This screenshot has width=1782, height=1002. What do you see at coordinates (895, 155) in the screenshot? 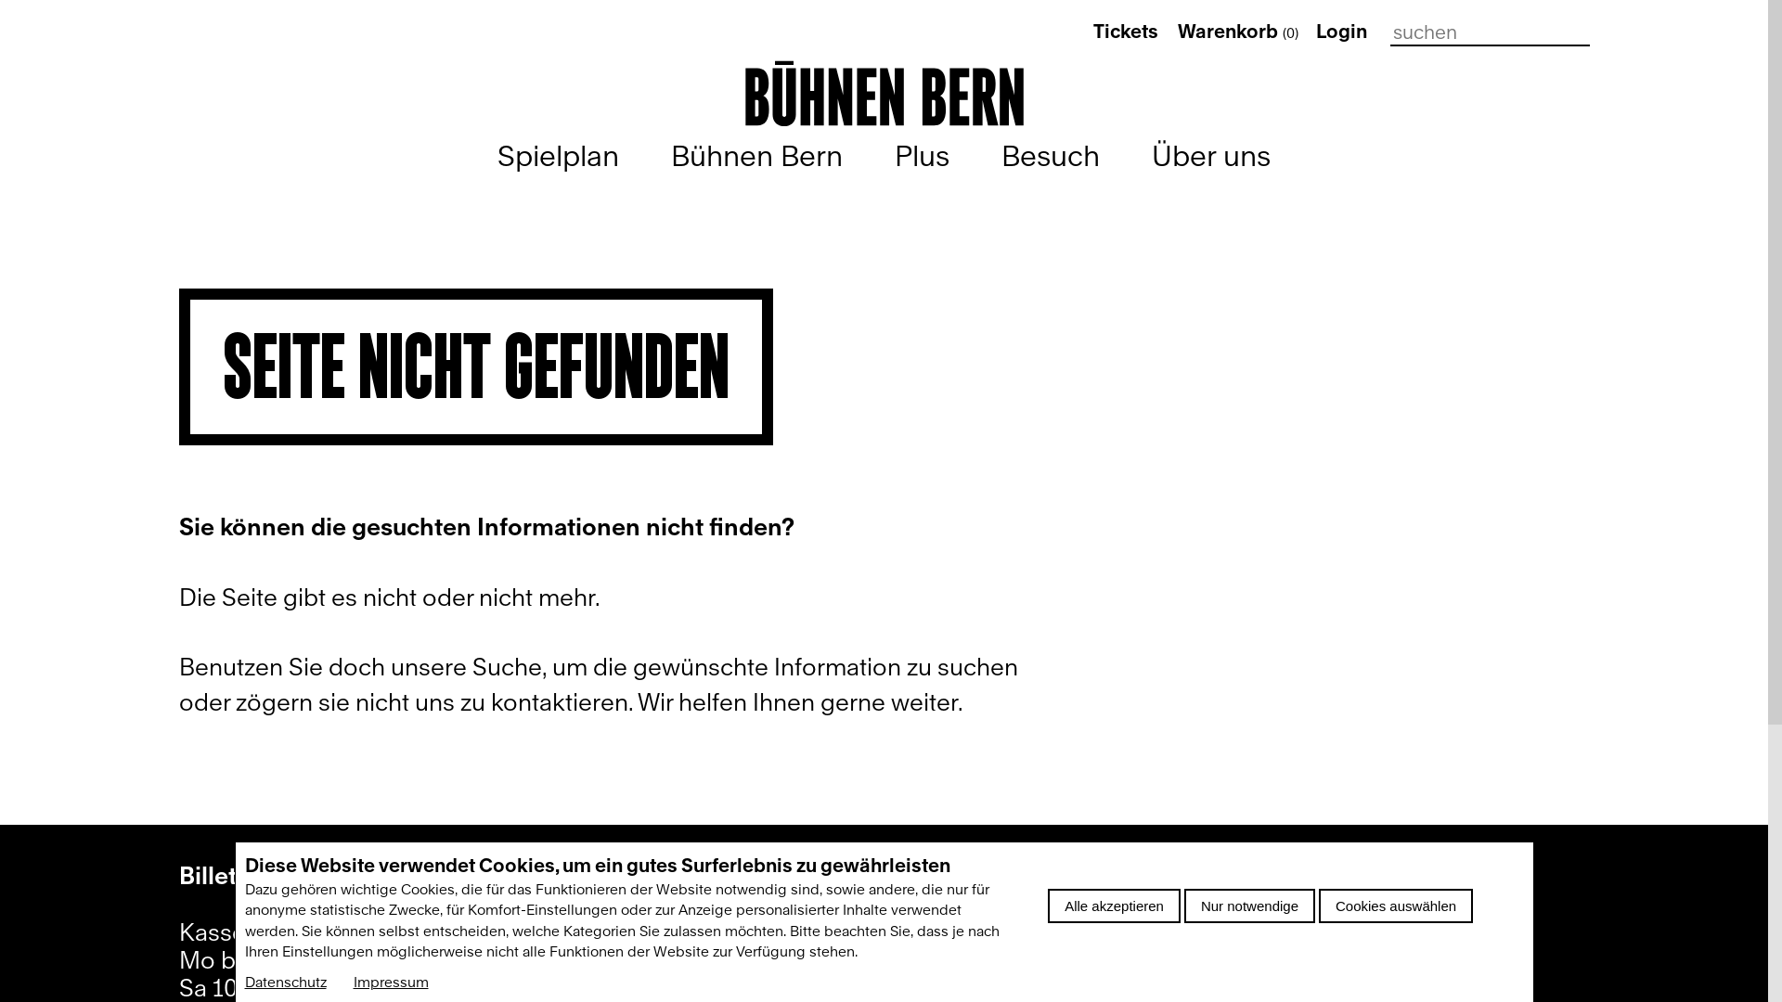
I see `'Plus'` at bounding box center [895, 155].